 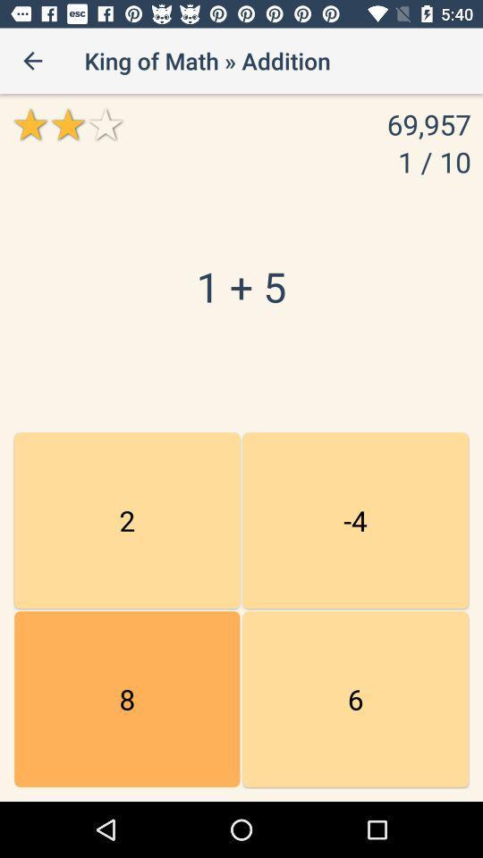 I want to click on 16 item, so click(x=355, y=699).